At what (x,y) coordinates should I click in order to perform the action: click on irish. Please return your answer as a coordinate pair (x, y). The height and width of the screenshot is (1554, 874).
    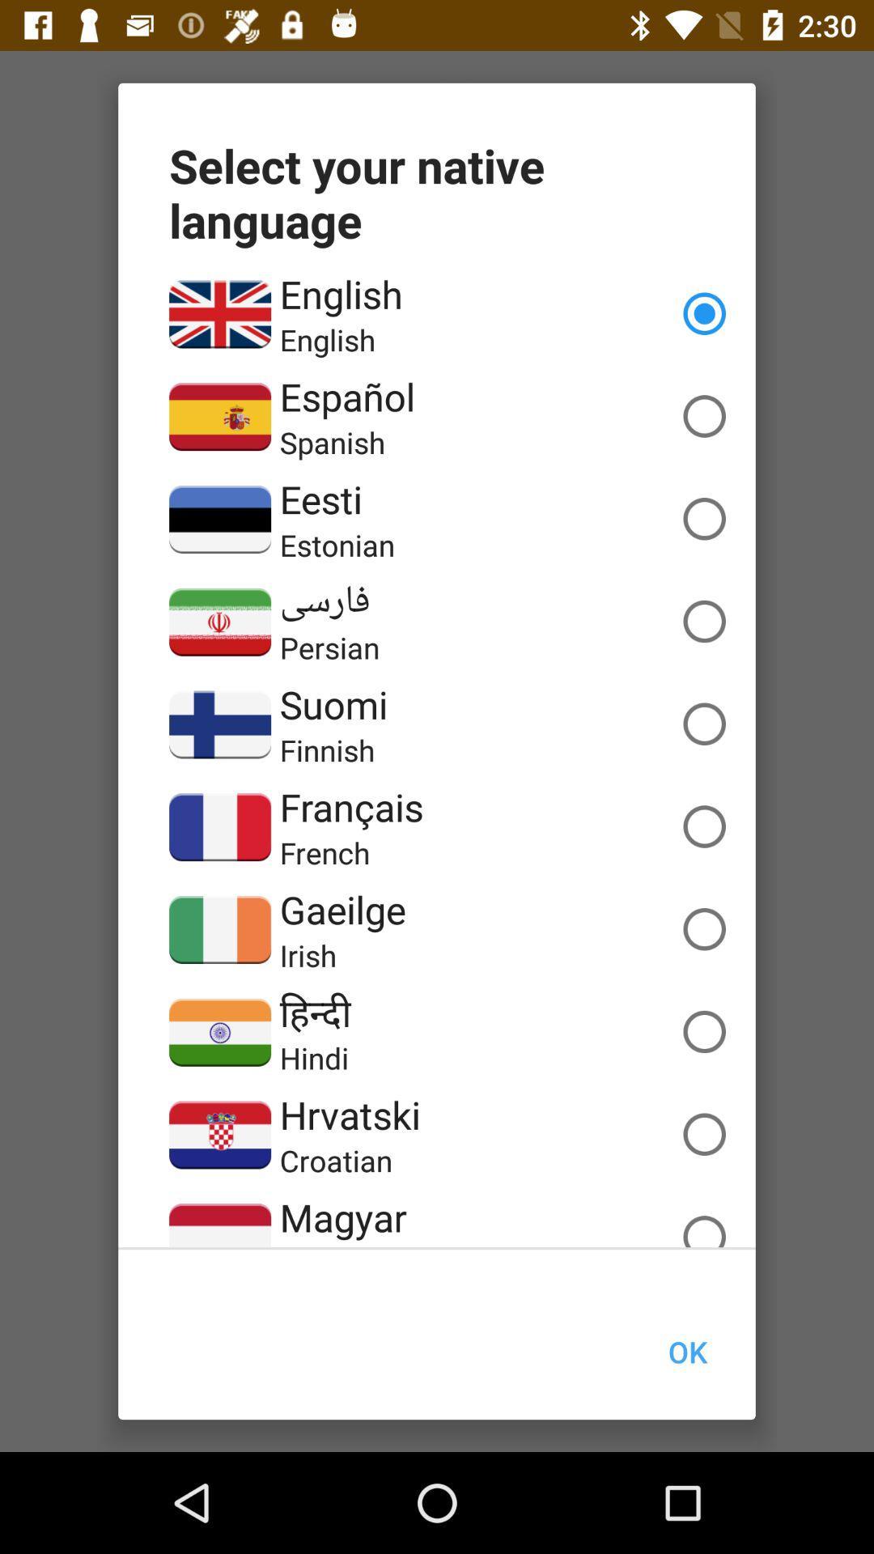
    Looking at the image, I should click on (308, 955).